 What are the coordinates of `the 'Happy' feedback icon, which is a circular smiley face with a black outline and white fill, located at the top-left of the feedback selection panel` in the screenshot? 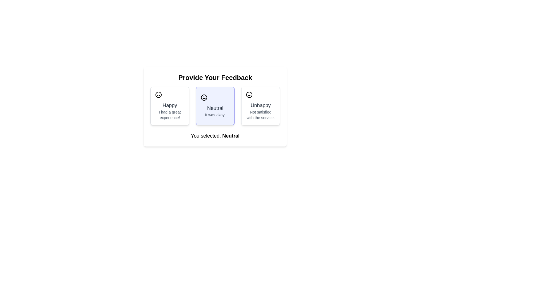 It's located at (158, 95).